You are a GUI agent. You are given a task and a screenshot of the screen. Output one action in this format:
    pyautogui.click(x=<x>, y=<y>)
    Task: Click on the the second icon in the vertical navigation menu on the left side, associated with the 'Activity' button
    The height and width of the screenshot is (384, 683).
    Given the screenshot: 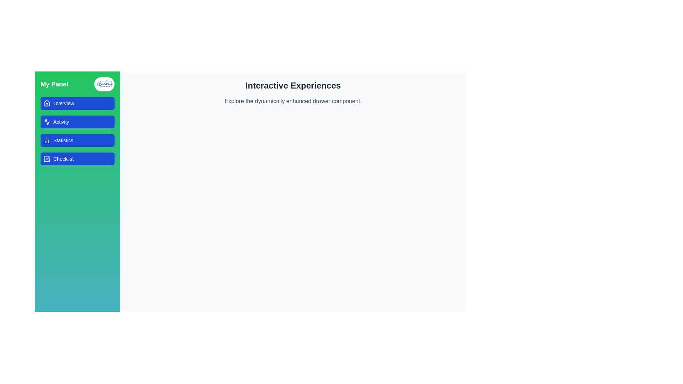 What is the action you would take?
    pyautogui.click(x=47, y=122)
    